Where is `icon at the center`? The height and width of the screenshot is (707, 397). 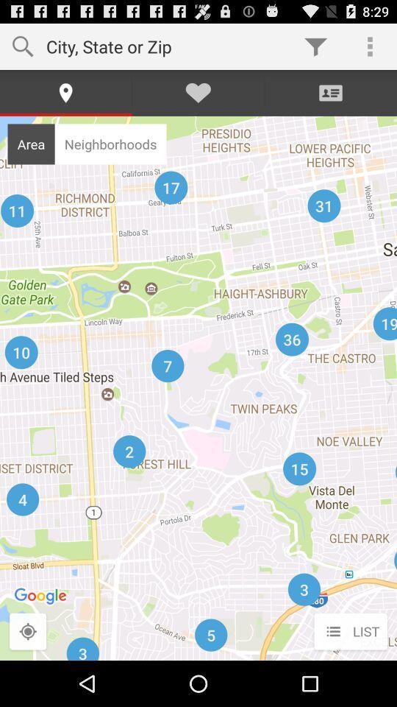
icon at the center is located at coordinates (198, 387).